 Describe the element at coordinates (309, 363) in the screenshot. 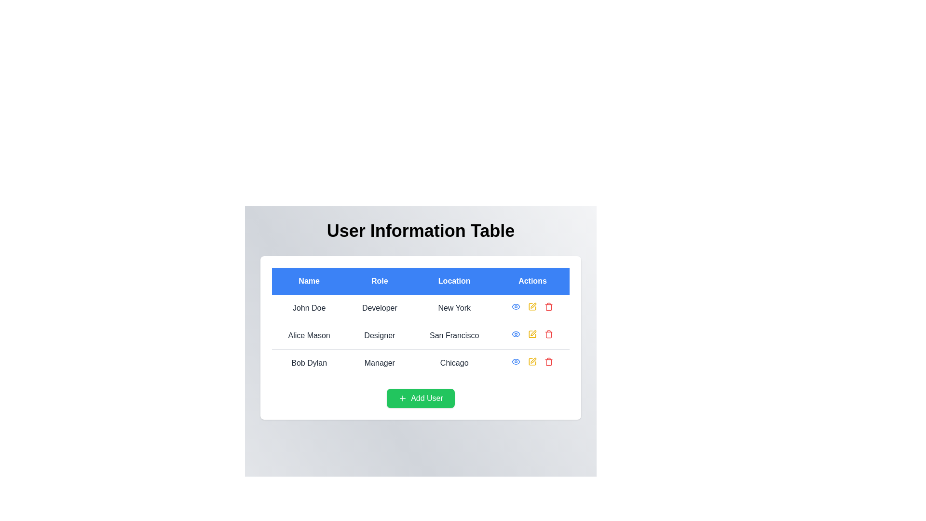

I see `the text label identifying the user named Bob Dylan, located in the third row of the table under the 'Name' column` at that location.